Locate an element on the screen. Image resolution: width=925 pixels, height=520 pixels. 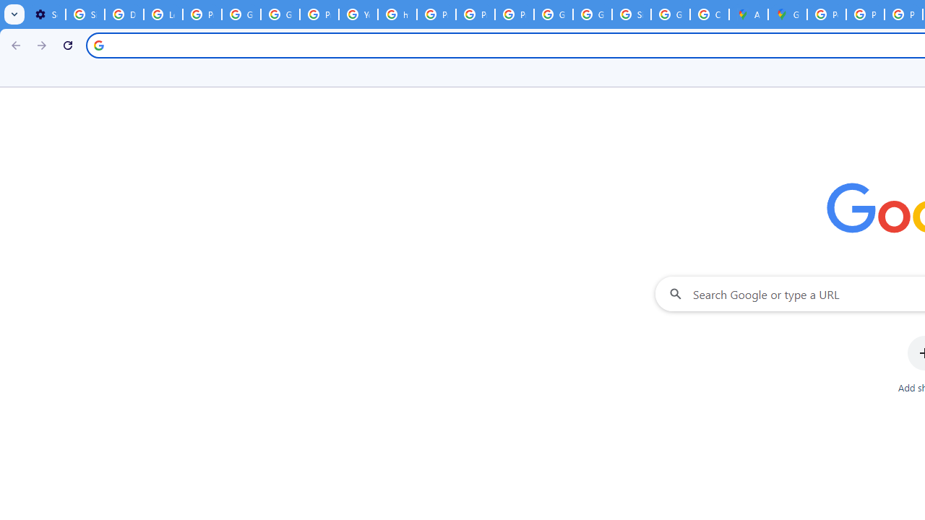
'Google Account Help' is located at coordinates (241, 14).